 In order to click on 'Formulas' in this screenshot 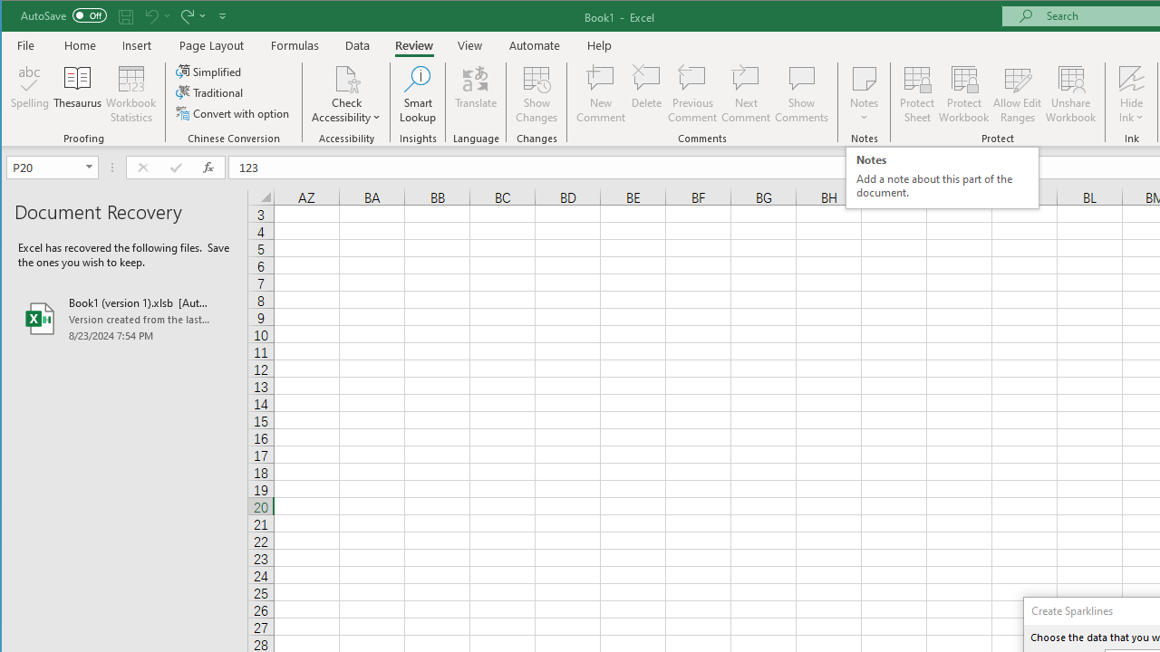, I will do `click(295, 44)`.